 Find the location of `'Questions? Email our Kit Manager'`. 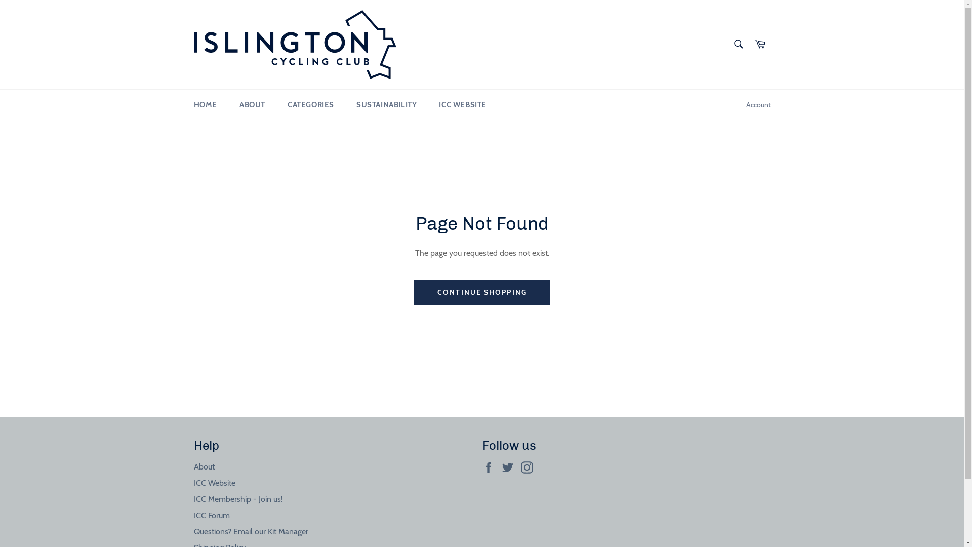

'Questions? Email our Kit Manager' is located at coordinates (250, 531).